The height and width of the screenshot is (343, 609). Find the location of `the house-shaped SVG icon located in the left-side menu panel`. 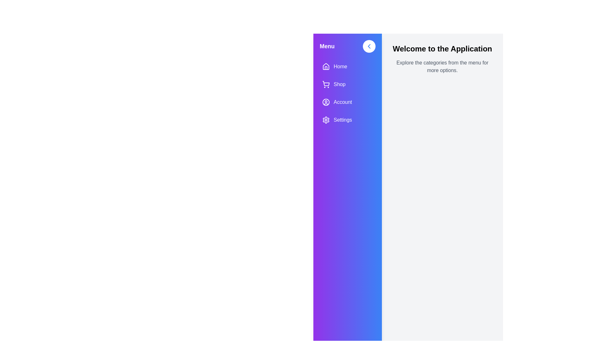

the house-shaped SVG icon located in the left-side menu panel is located at coordinates (326, 66).